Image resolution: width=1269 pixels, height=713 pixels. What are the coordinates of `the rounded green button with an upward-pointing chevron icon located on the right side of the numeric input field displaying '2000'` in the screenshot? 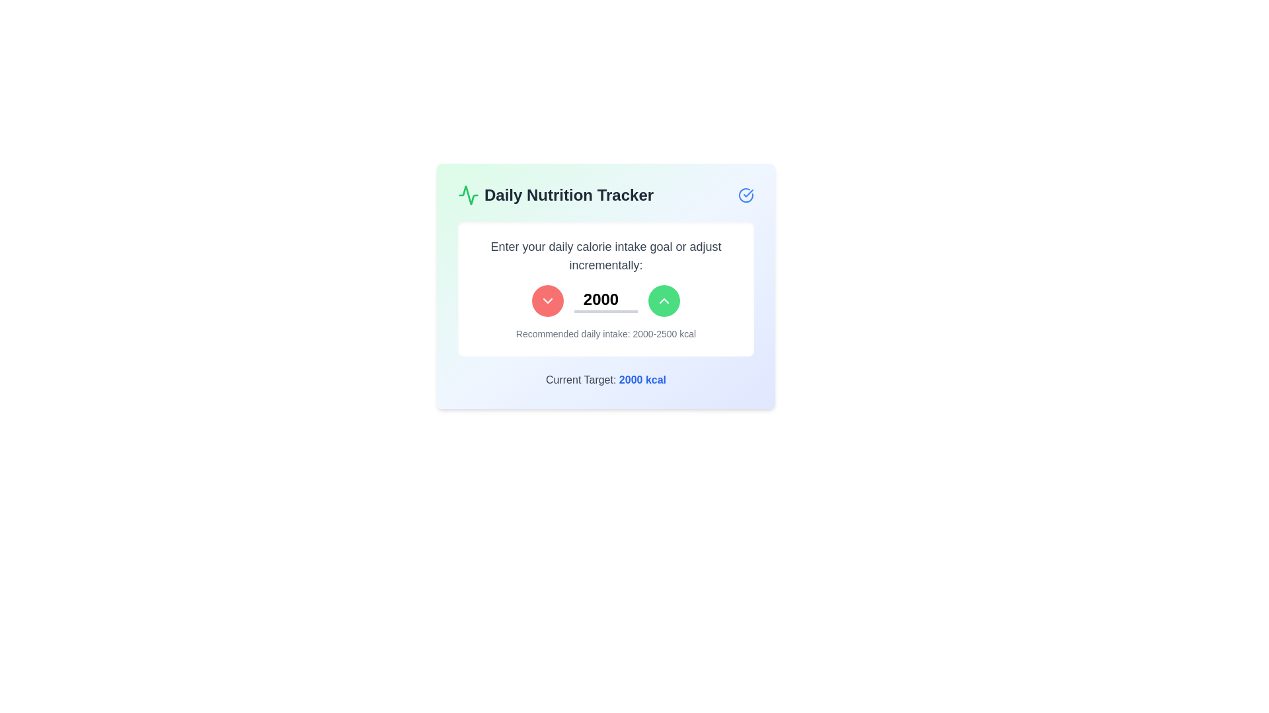 It's located at (664, 300).